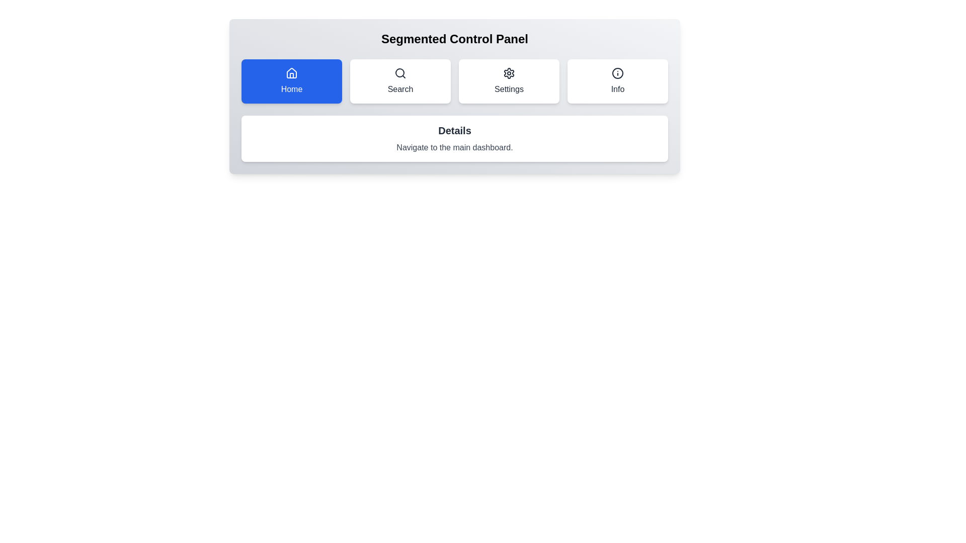 The width and height of the screenshot is (966, 543). I want to click on the Home button icon located in the navigation bar, so click(291, 73).